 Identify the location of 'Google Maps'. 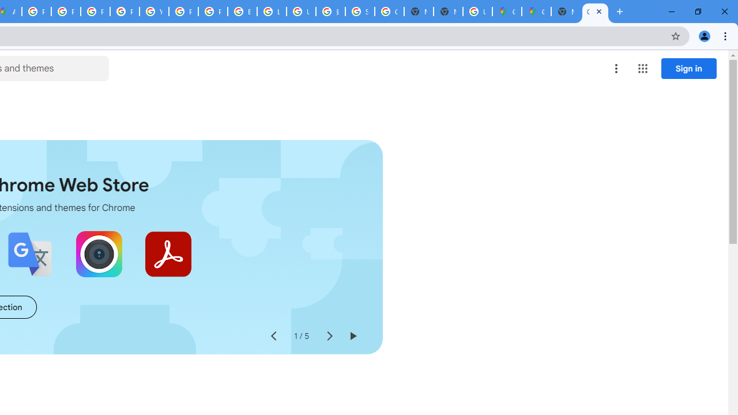
(536, 12).